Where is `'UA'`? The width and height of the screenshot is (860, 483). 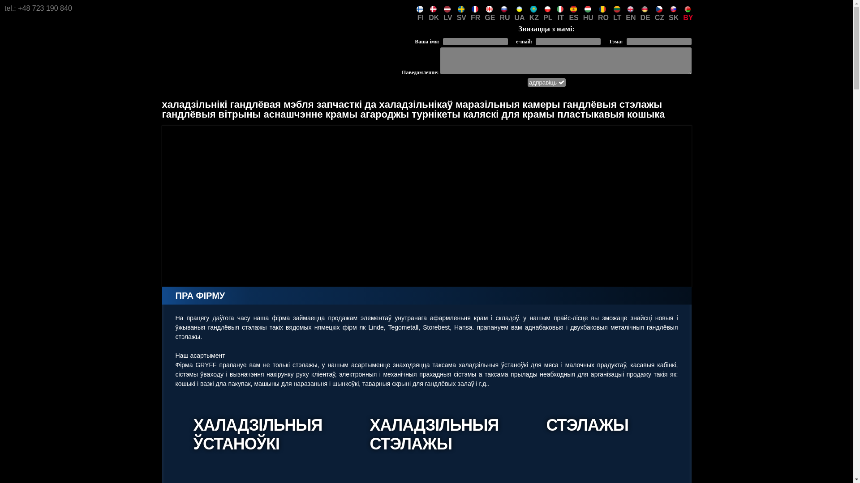
'UA' is located at coordinates (520, 8).